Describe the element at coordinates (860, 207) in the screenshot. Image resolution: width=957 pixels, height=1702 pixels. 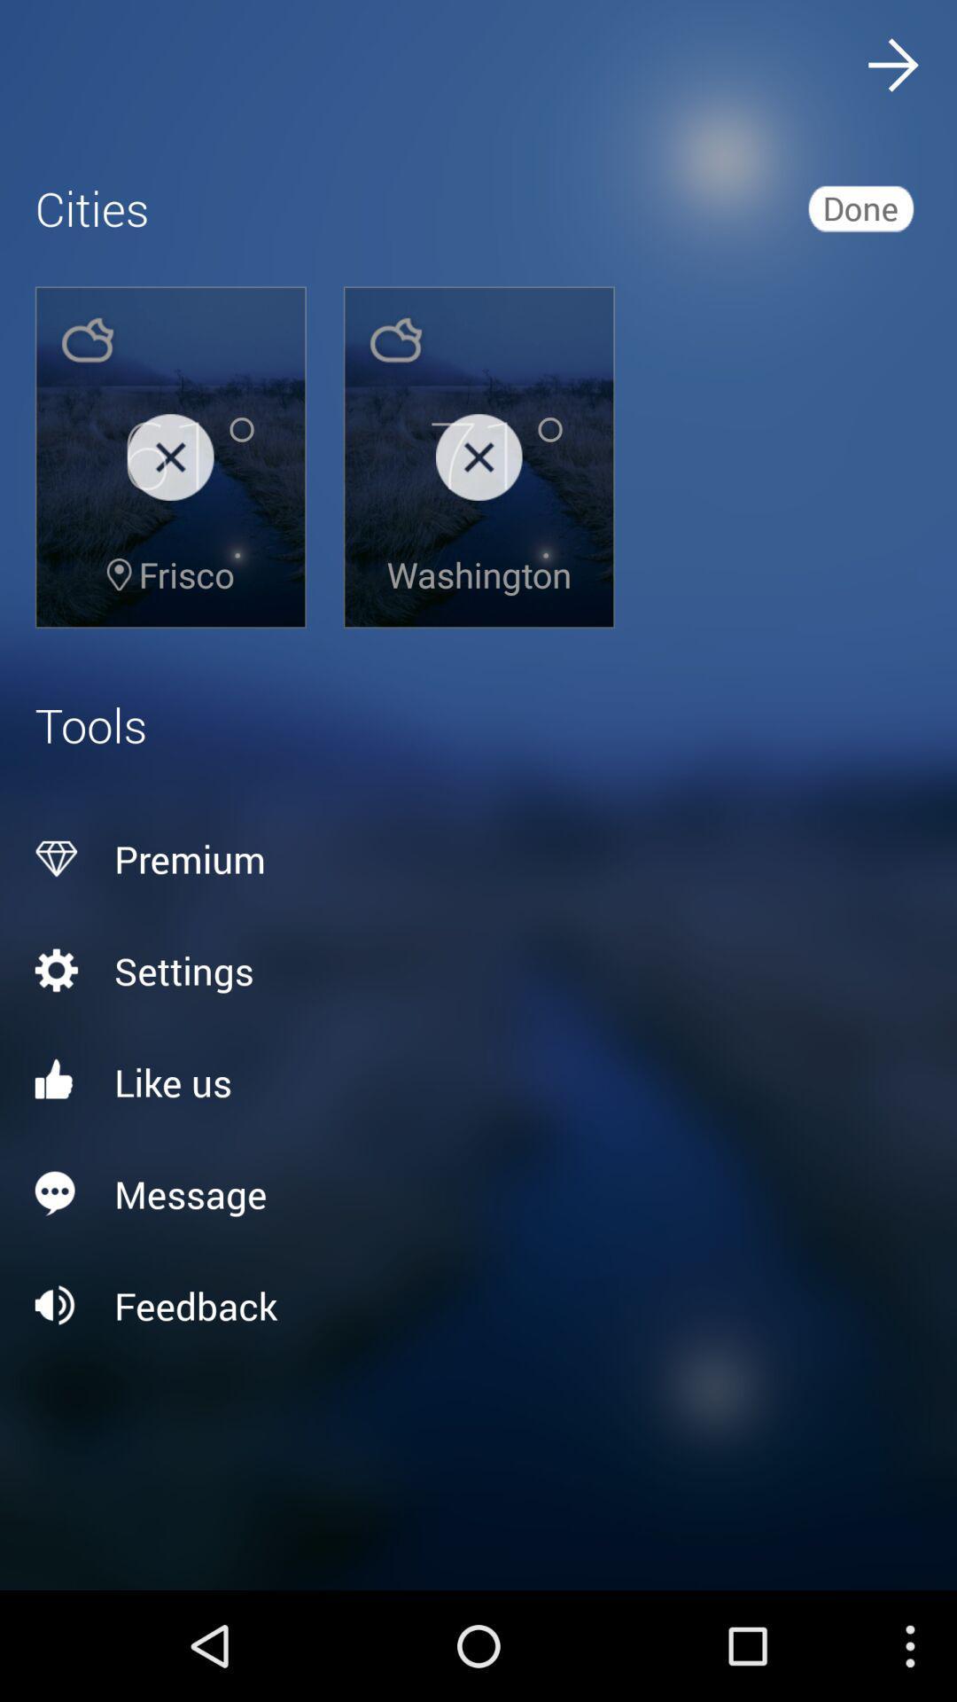
I see `the icon above premium` at that location.